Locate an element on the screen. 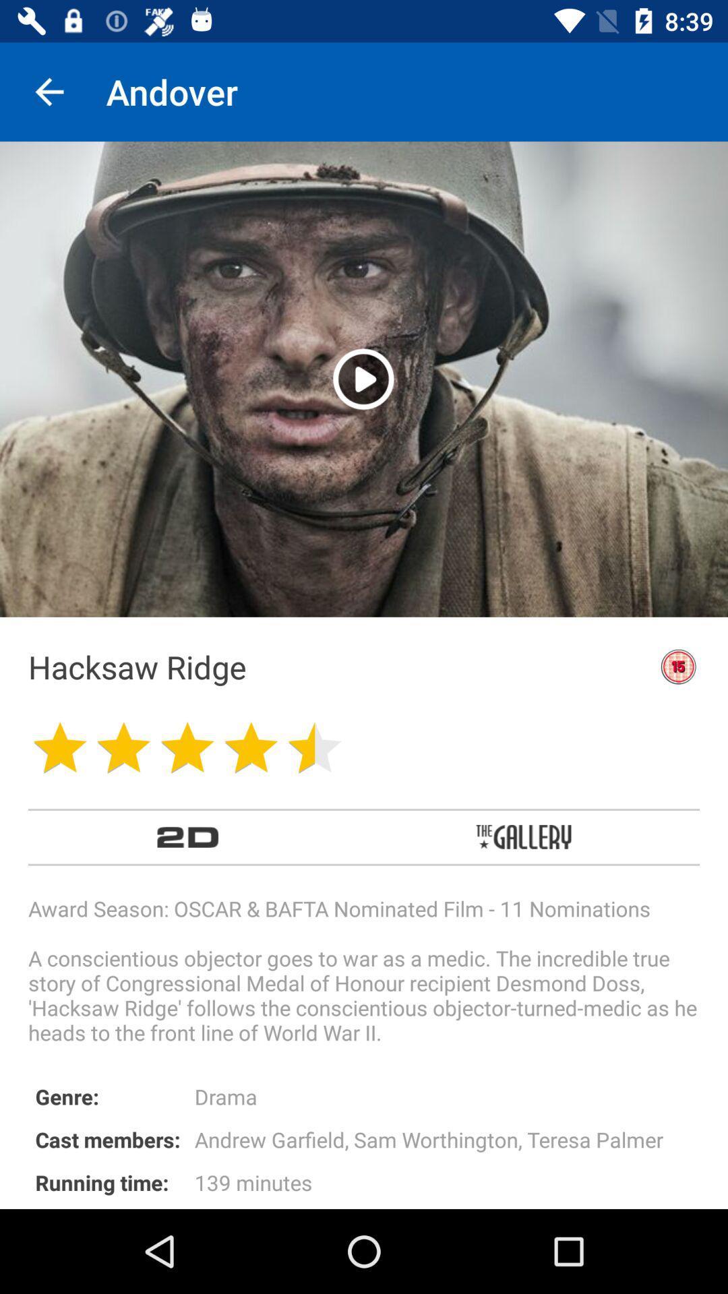  movie is located at coordinates (363, 378).